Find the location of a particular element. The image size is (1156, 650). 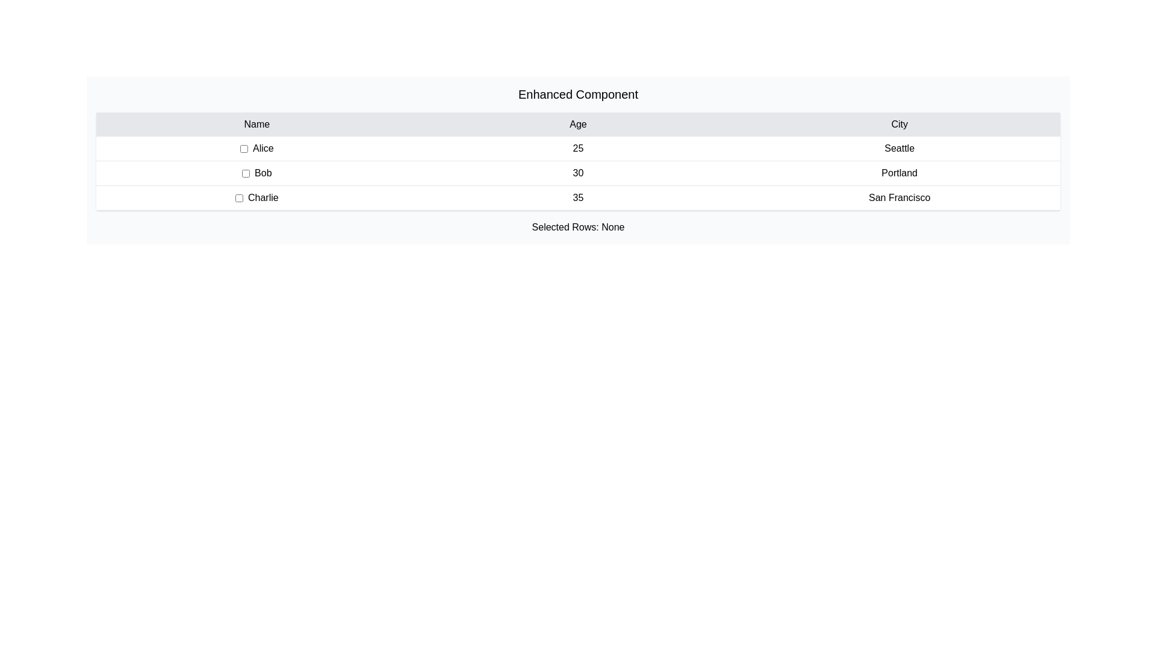

the static text displaying the city name in the third column of the first row of the data table, which corresponds to the entry for 'Alice' is located at coordinates (900, 147).